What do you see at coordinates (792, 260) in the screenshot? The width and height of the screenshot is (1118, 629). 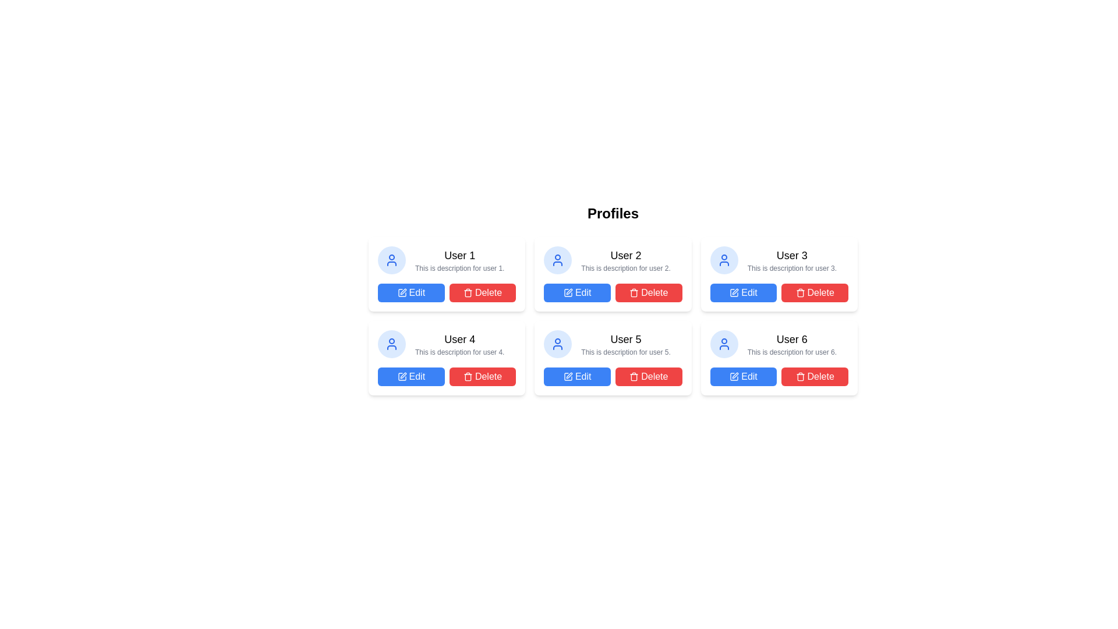 I see `text from the Text display component, which shows 'User 3' in bold and 'This is description for user 3.' below it, located in the second row of cards, third from the left` at bounding box center [792, 260].